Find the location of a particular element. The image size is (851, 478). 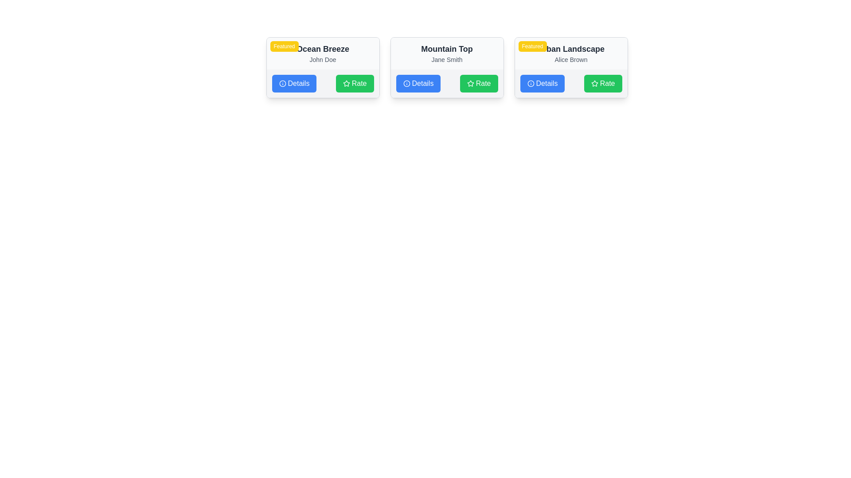

the button located in the bottom-left corner of the first card is located at coordinates (294, 84).